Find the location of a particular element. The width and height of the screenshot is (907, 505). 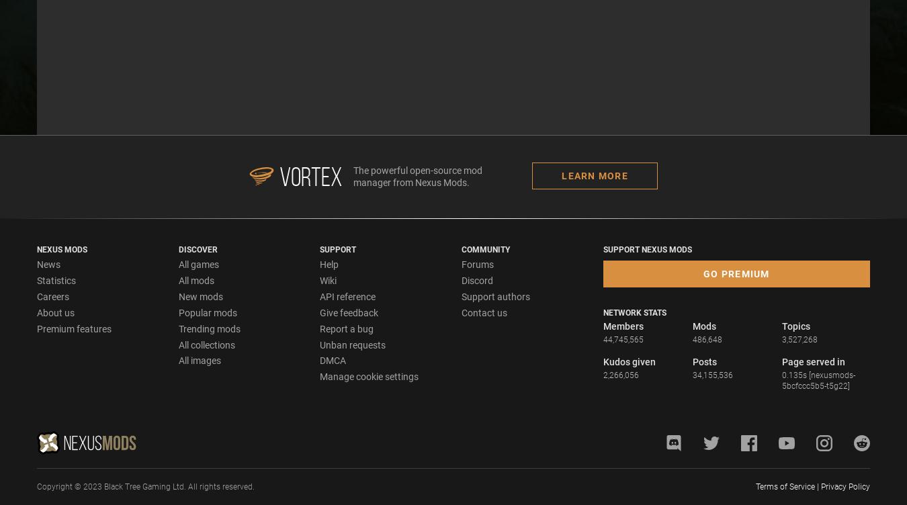

'44,745,565' is located at coordinates (622, 339).